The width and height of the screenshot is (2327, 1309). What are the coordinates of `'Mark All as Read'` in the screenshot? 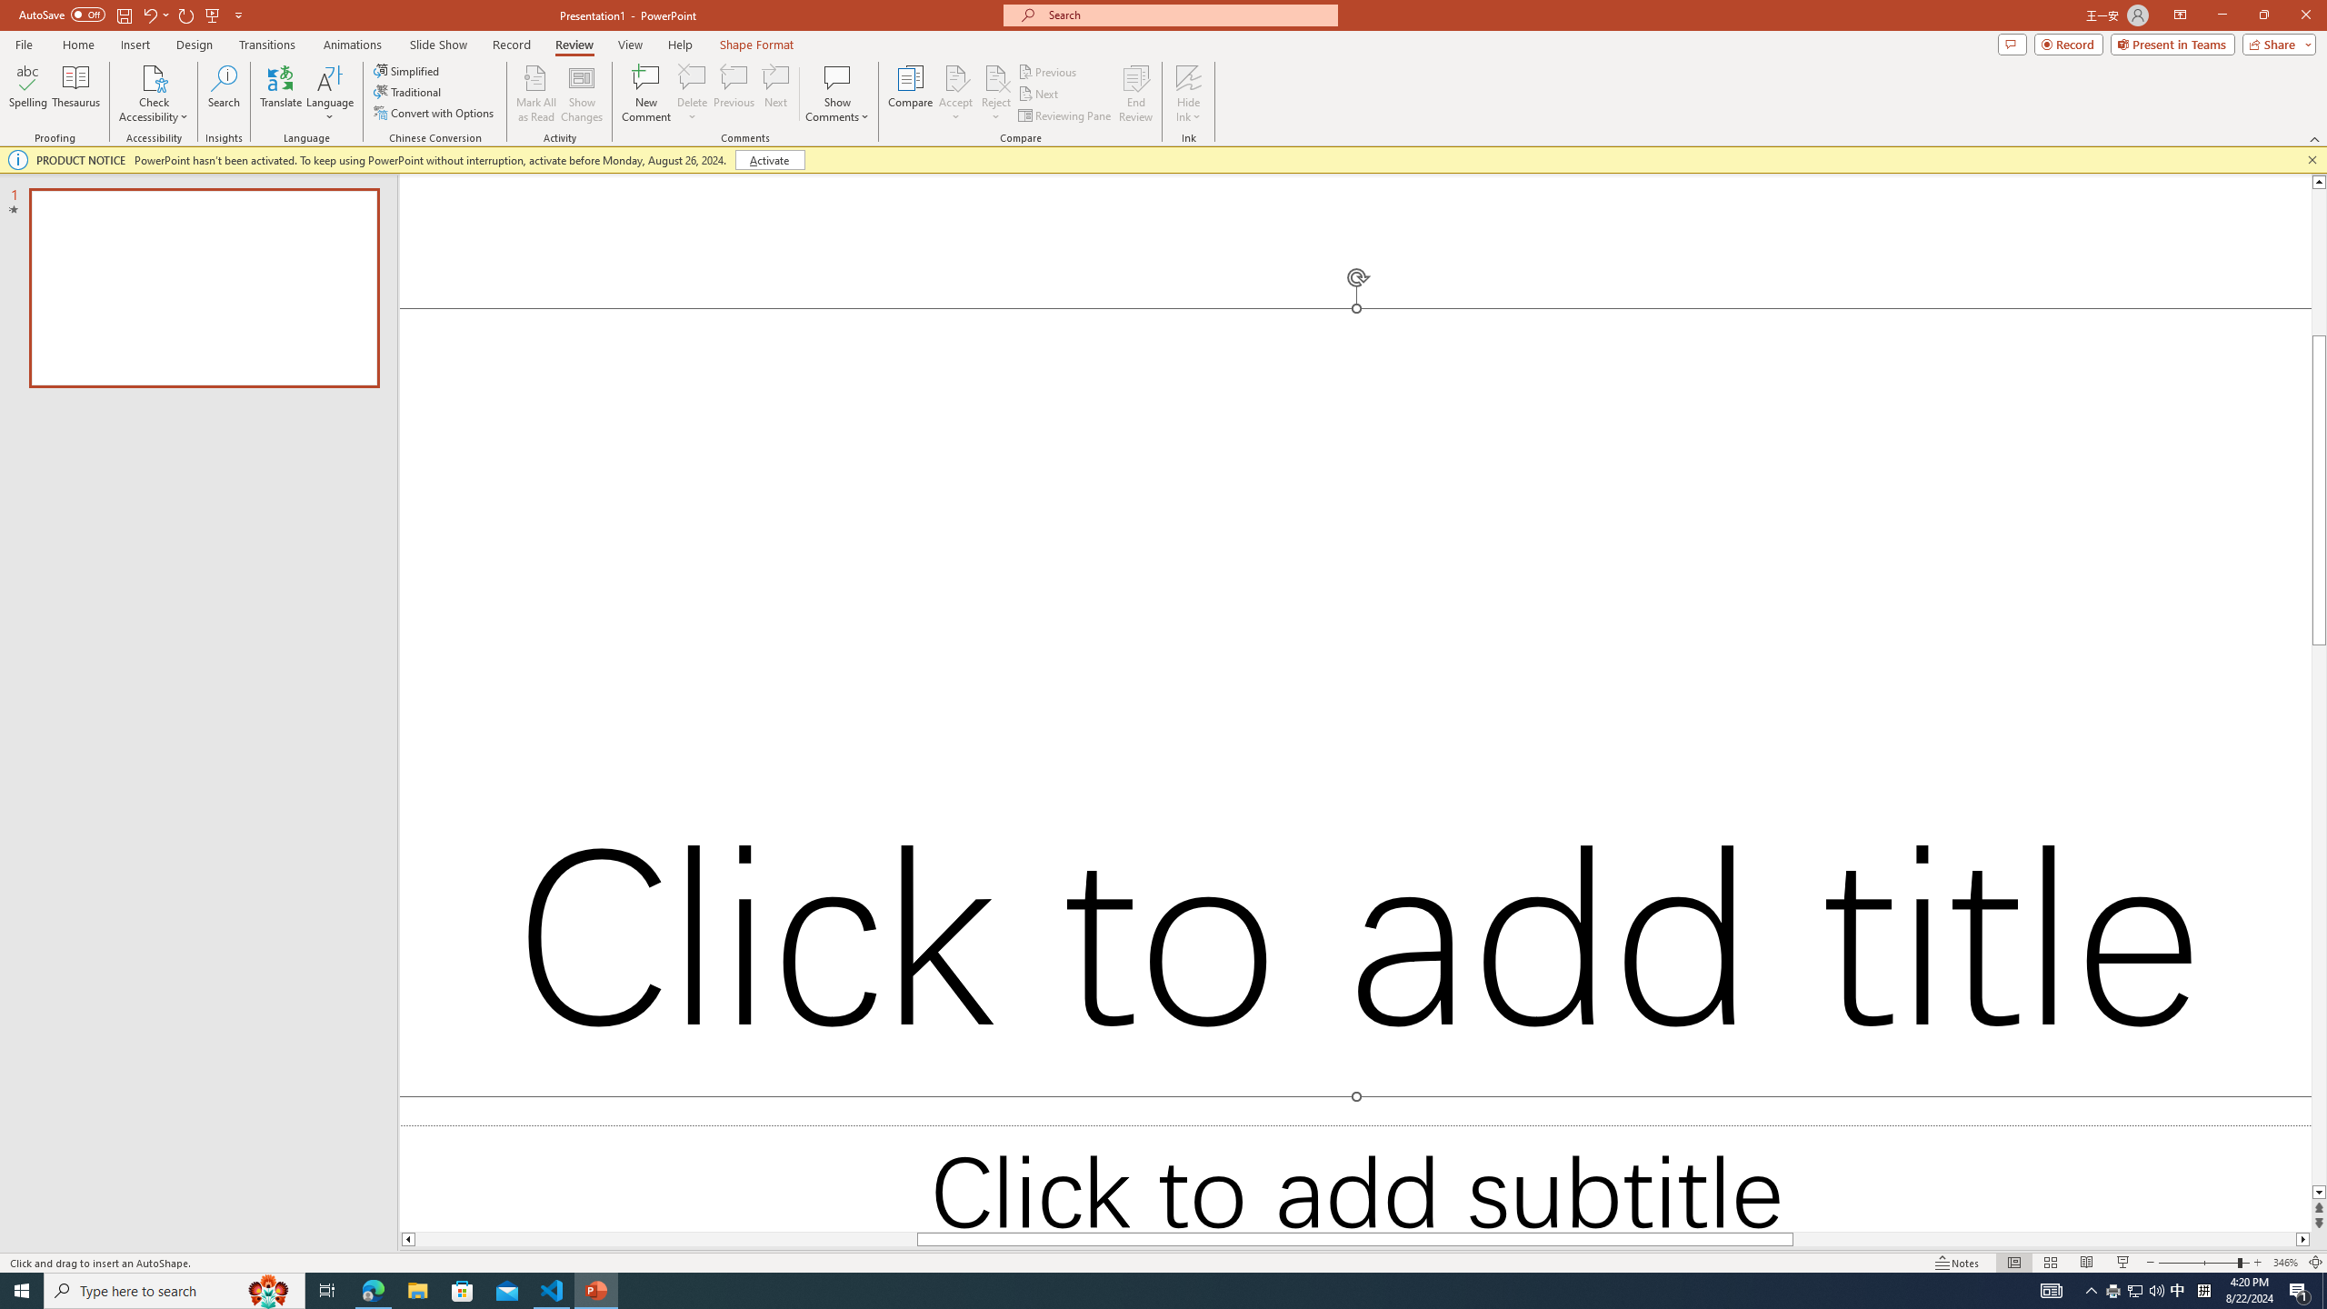 It's located at (536, 94).